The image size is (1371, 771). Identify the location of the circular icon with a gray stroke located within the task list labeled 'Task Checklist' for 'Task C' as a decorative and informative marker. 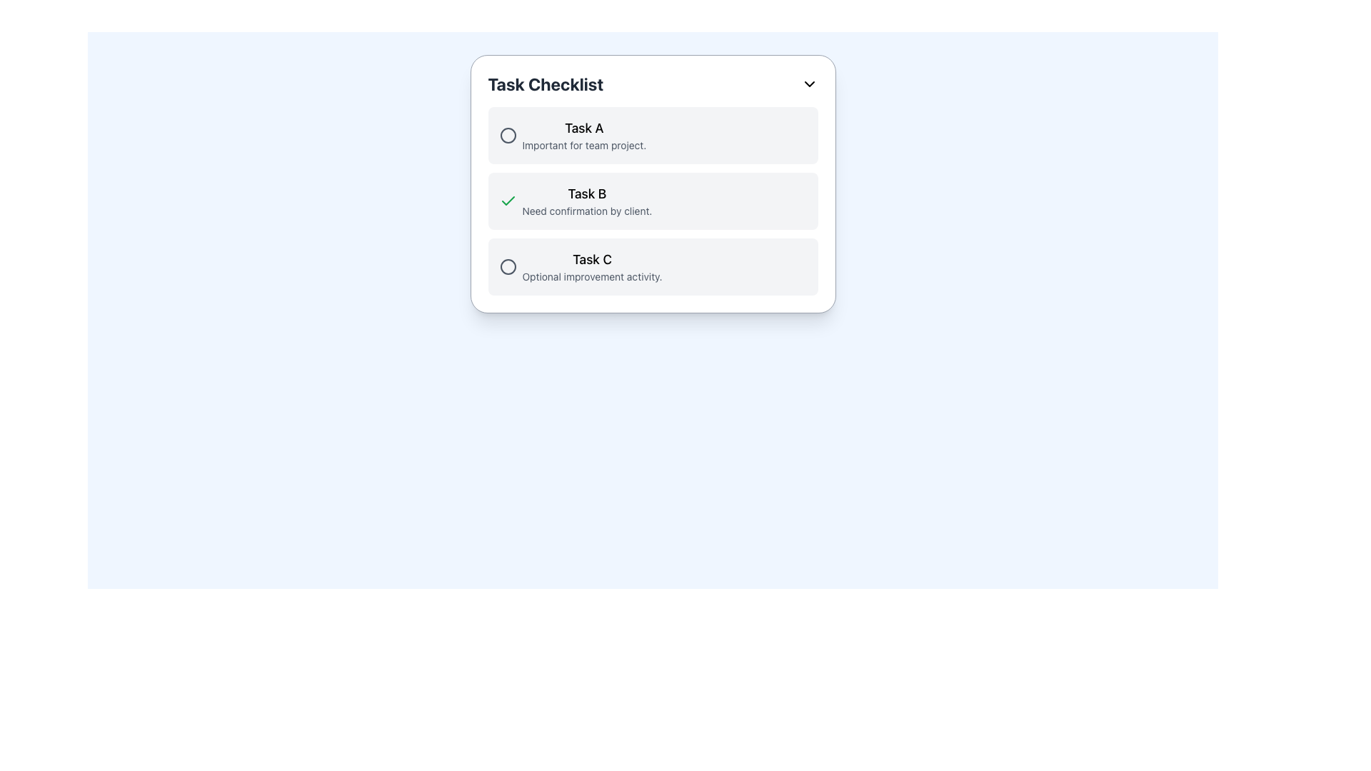
(508, 267).